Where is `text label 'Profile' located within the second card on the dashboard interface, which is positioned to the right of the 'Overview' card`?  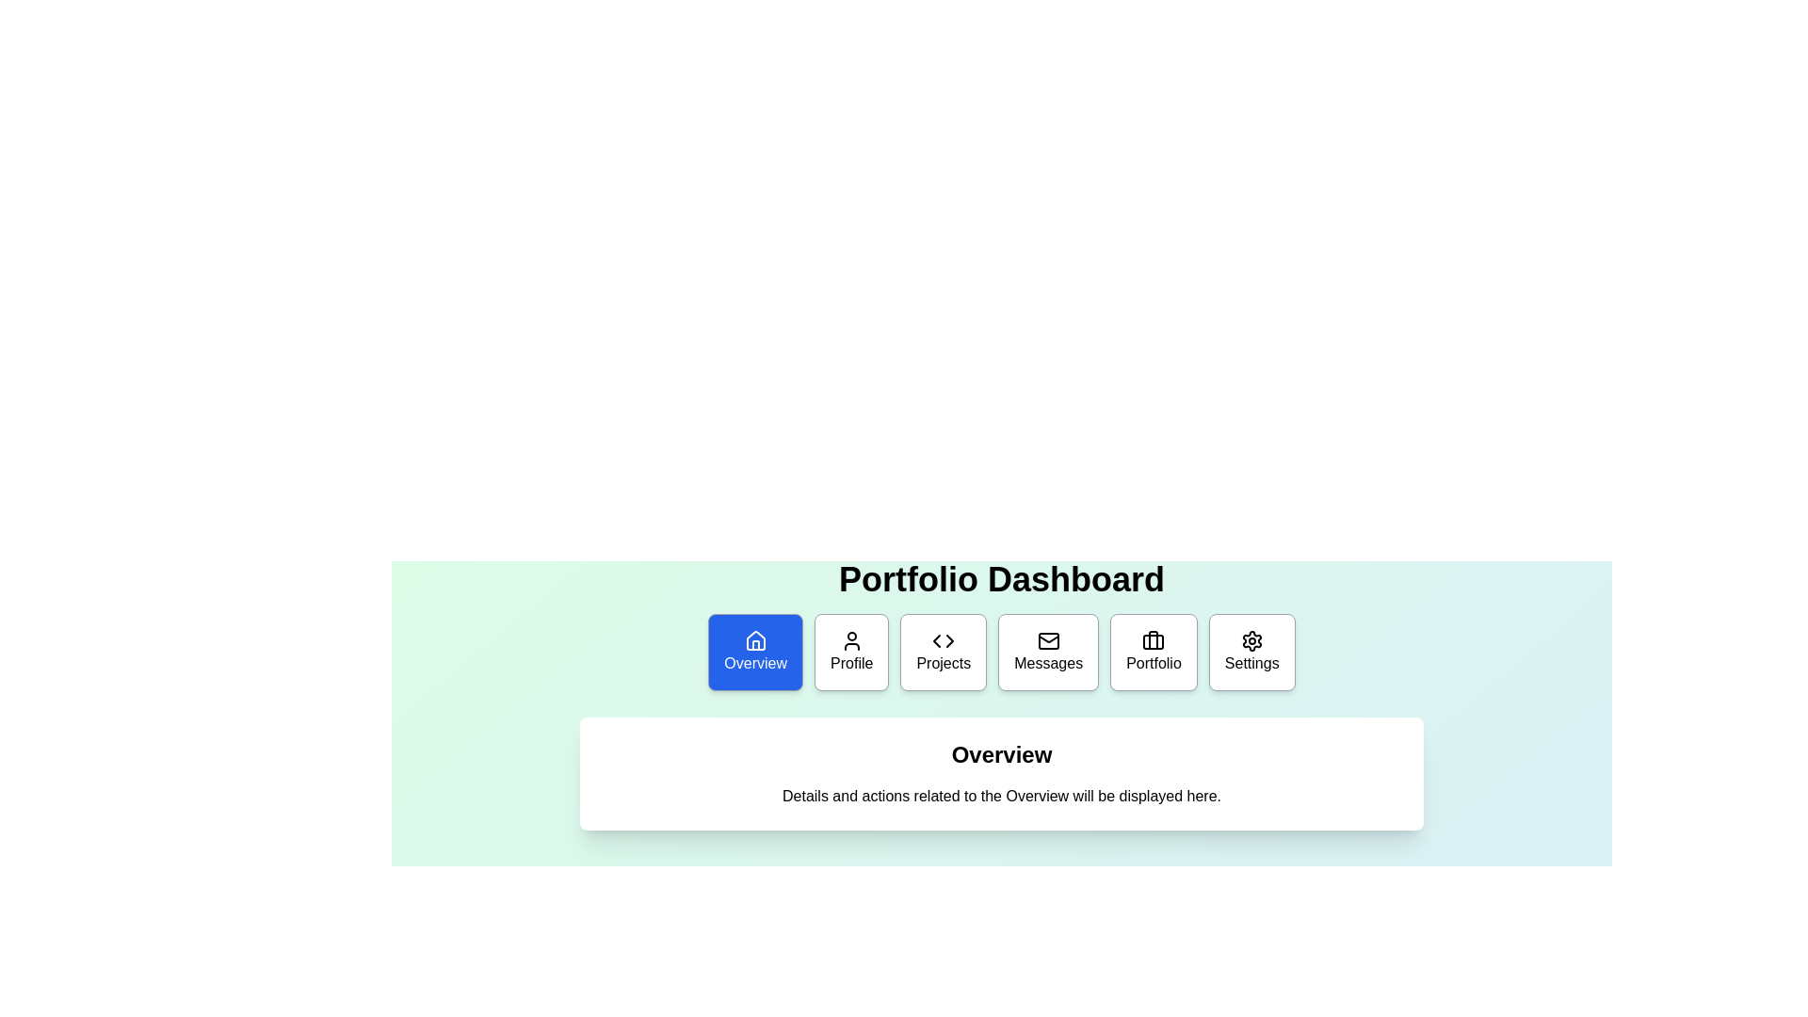
text label 'Profile' located within the second card on the dashboard interface, which is positioned to the right of the 'Overview' card is located at coordinates (850, 663).